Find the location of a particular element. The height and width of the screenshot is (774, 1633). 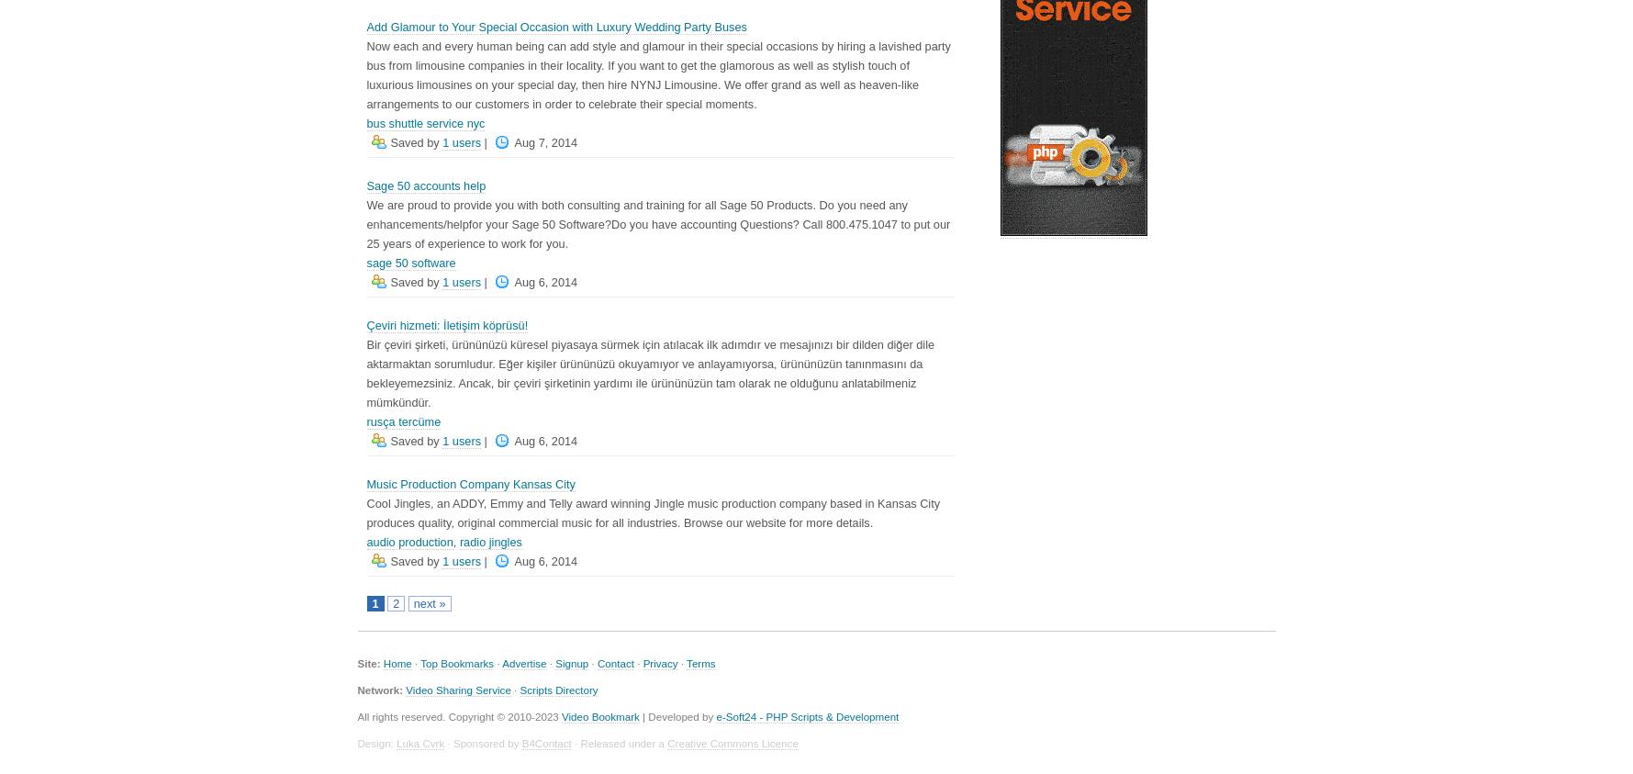

'Sage 50 accounts help' is located at coordinates (365, 185).